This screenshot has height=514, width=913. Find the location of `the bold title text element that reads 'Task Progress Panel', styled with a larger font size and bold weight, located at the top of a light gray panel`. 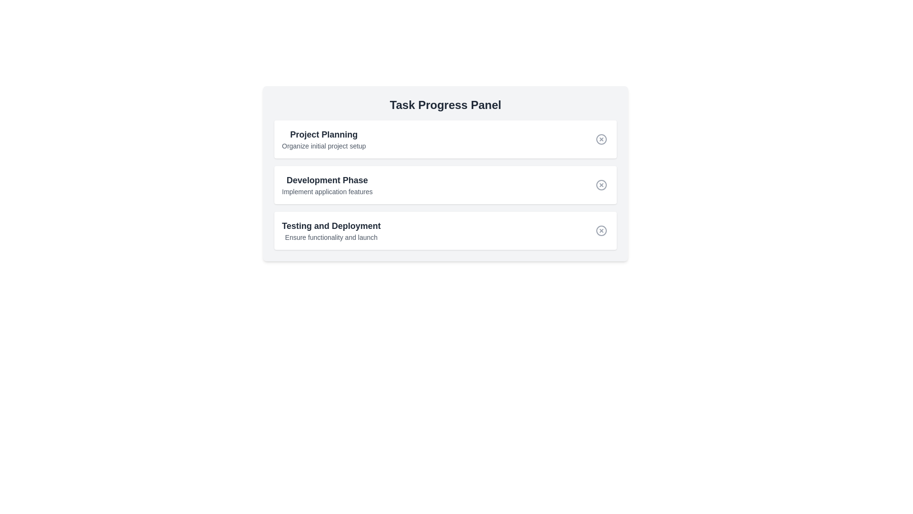

the bold title text element that reads 'Task Progress Panel', styled with a larger font size and bold weight, located at the top of a light gray panel is located at coordinates (445, 105).